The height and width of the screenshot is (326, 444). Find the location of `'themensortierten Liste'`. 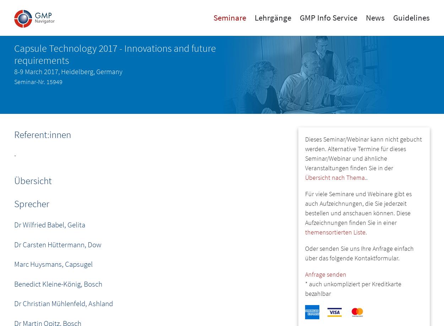

'themensortierten Liste' is located at coordinates (335, 231).